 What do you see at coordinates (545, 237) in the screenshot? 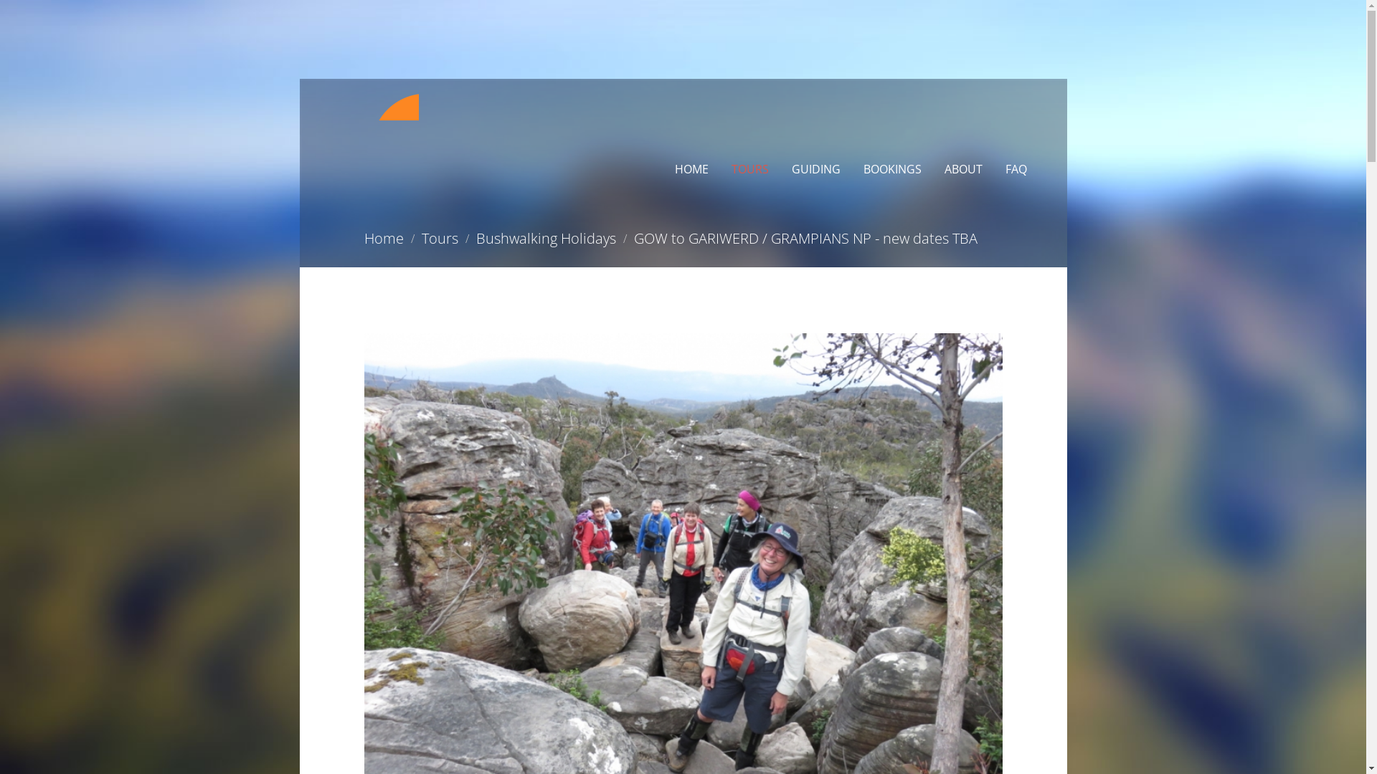
I see `'Bushwalking Holidays'` at bounding box center [545, 237].